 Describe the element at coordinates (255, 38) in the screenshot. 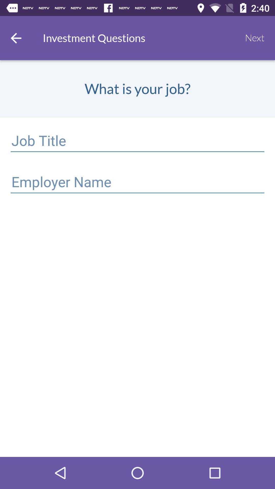

I see `icon at the top right corner` at that location.